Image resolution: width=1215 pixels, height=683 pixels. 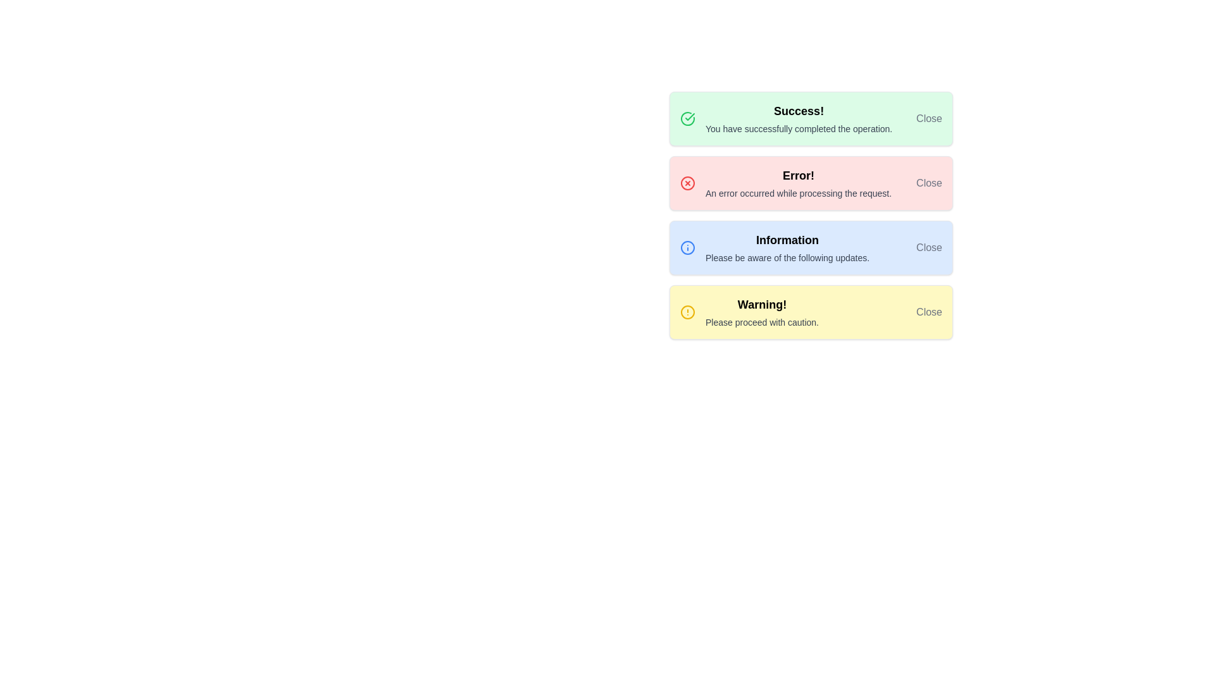 I want to click on the 'Close' button on the notification banner, so click(x=811, y=312).